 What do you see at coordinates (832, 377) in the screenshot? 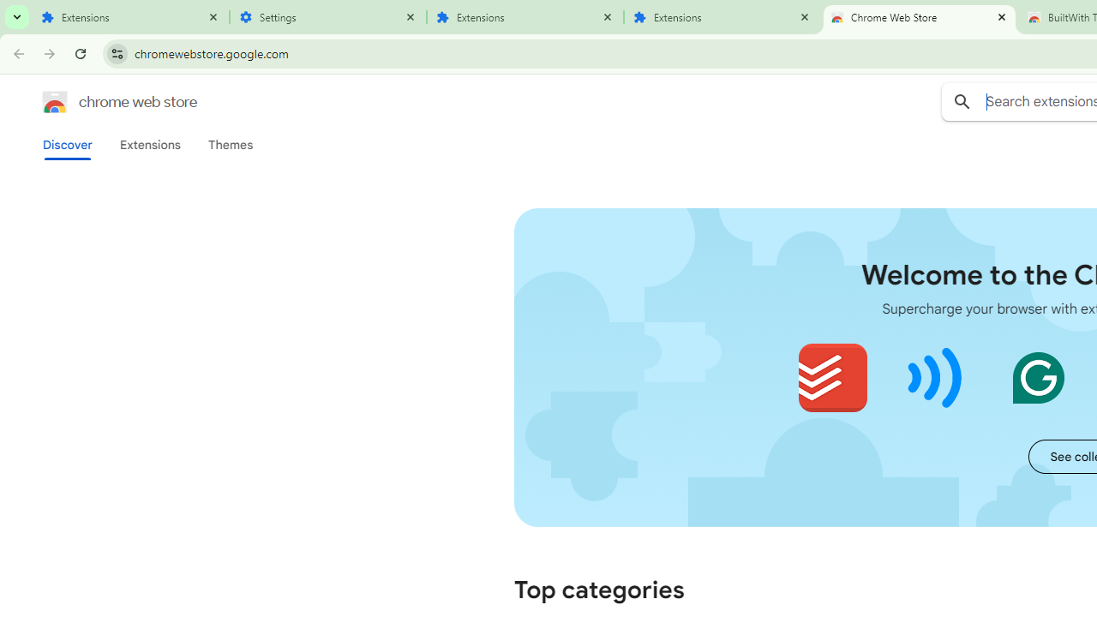
I see `'Todoist for Chrome'` at bounding box center [832, 377].